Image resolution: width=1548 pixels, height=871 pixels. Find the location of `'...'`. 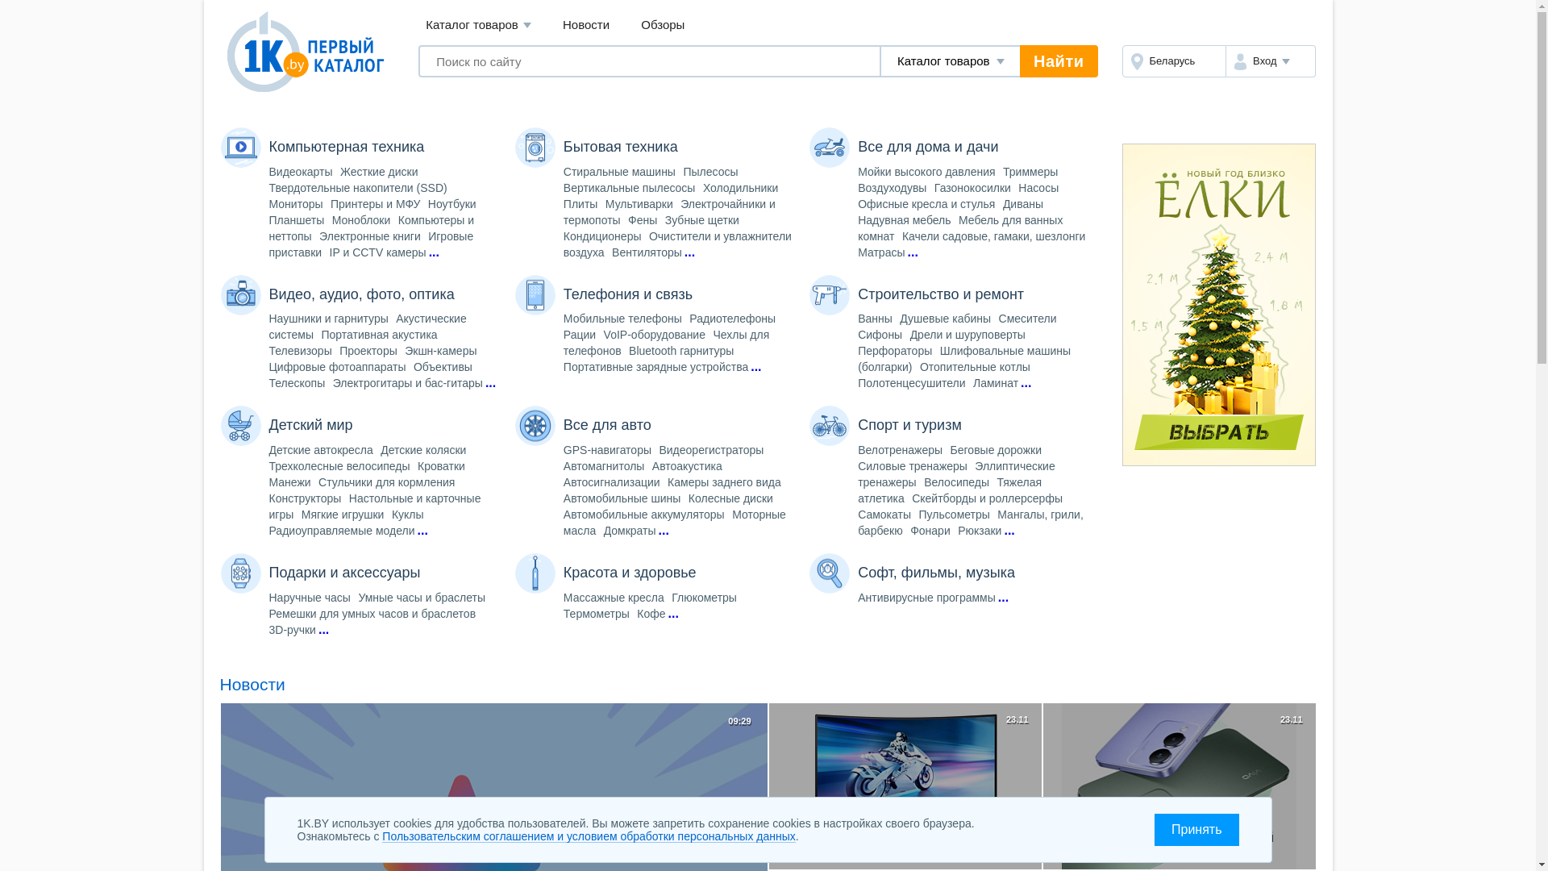

'...' is located at coordinates (672, 613).